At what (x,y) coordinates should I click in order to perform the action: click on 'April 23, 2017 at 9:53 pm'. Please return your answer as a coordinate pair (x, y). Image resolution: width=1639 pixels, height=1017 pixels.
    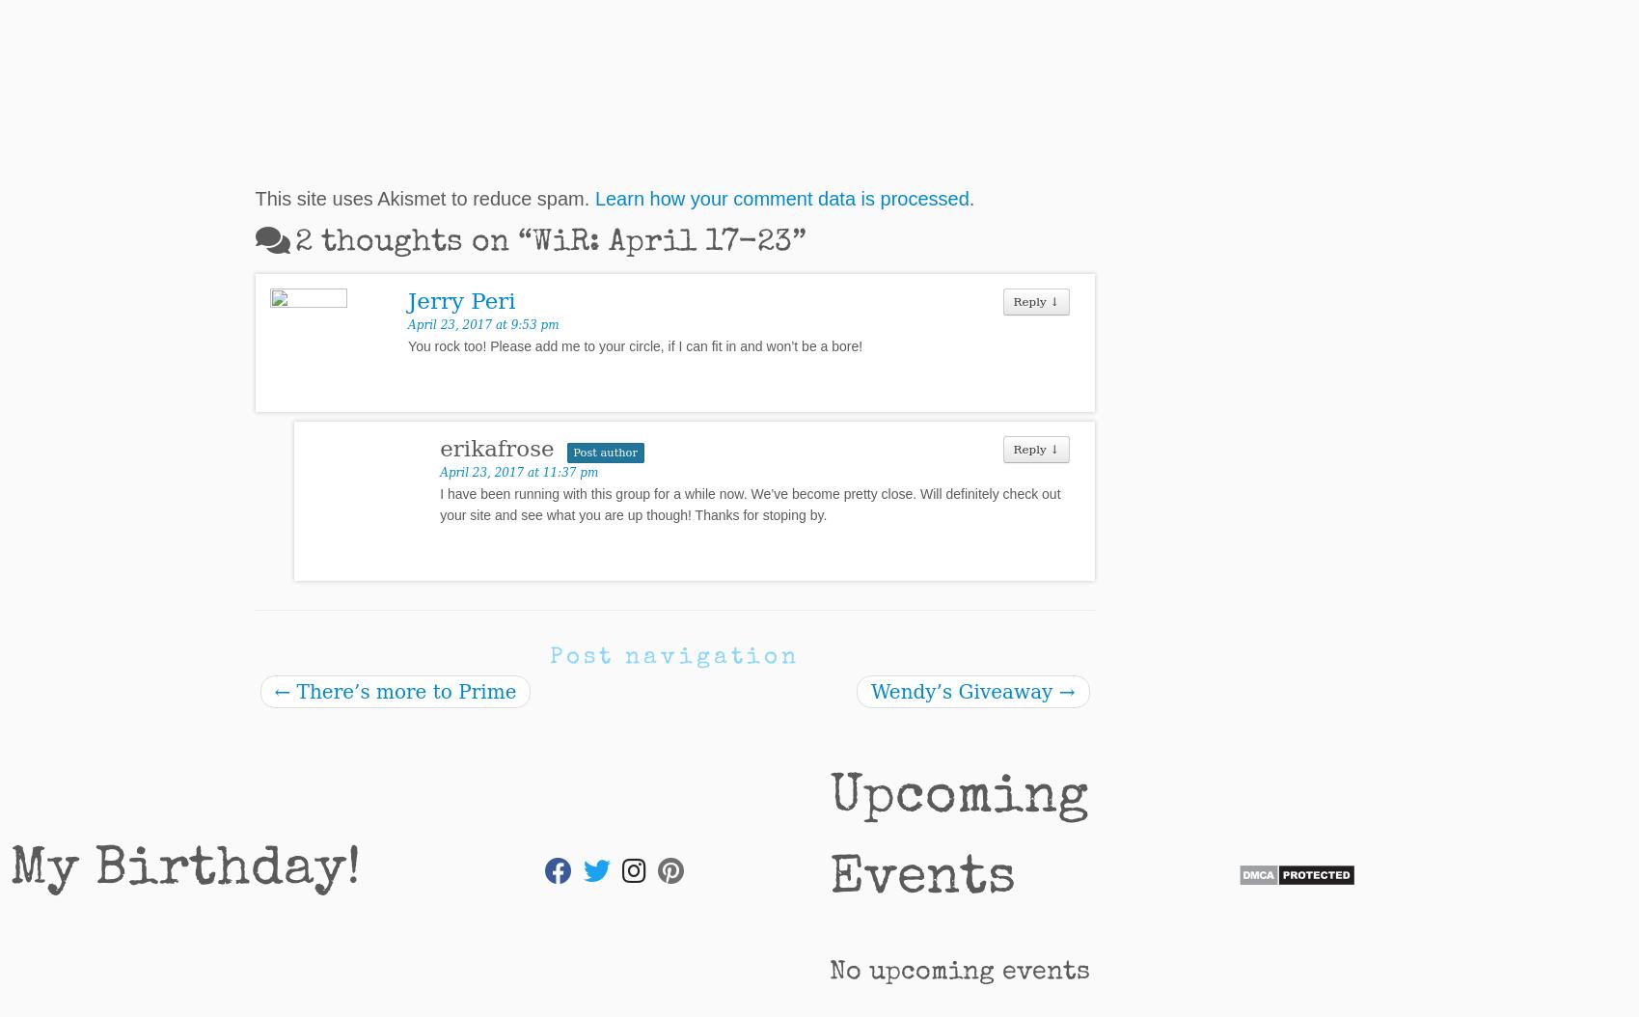
    Looking at the image, I should click on (482, 324).